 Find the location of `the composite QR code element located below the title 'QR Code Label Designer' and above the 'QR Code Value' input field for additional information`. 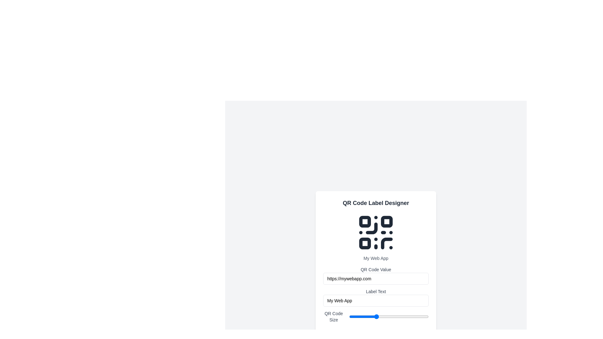

the composite QR code element located below the title 'QR Code Label Designer' and above the 'QR Code Value' input field for additional information is located at coordinates (376, 237).